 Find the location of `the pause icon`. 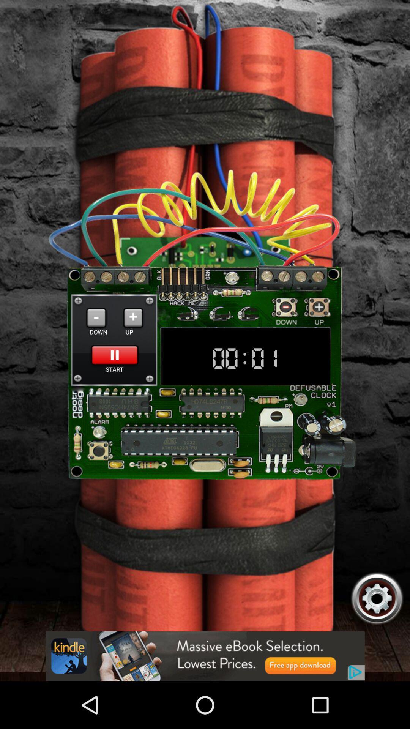

the pause icon is located at coordinates (115, 382).